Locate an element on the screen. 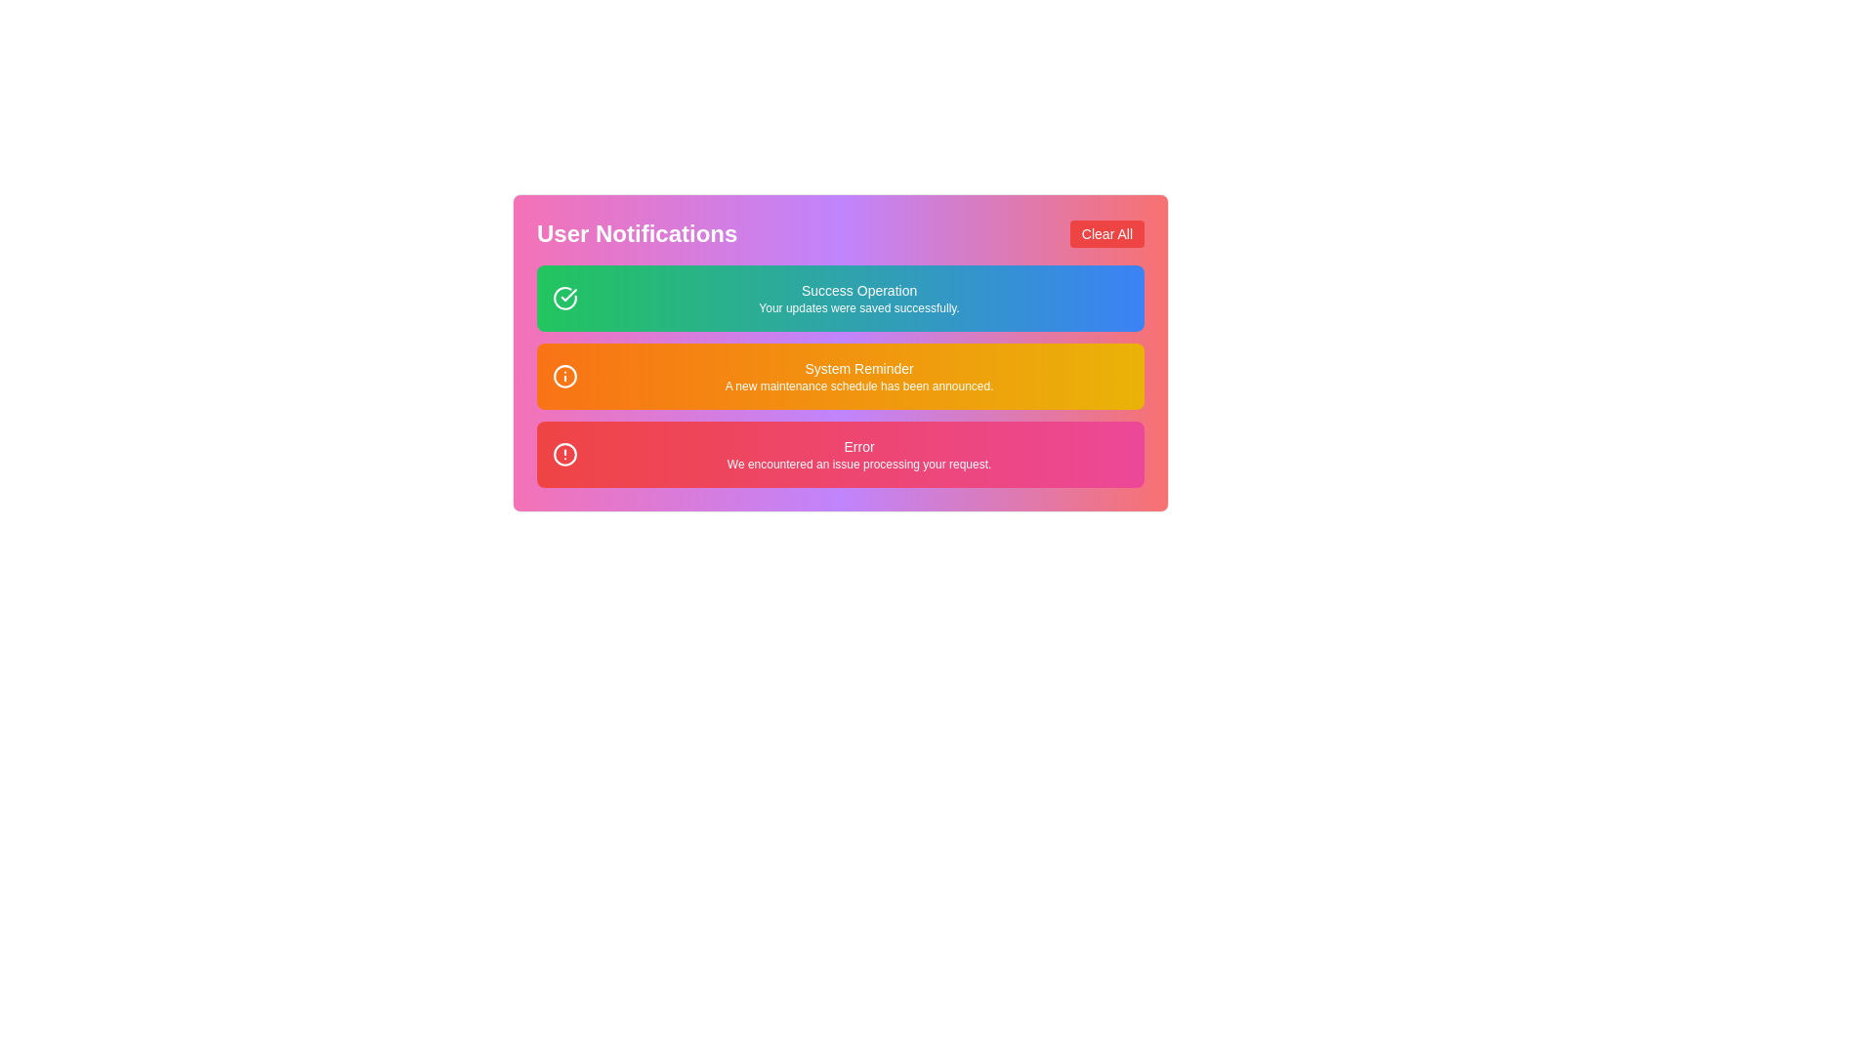 The image size is (1875, 1054). the 'Clear All' button, which has a vibrant red background and white text, located in the upper-right corner of the notification panel is located at coordinates (1106, 232).